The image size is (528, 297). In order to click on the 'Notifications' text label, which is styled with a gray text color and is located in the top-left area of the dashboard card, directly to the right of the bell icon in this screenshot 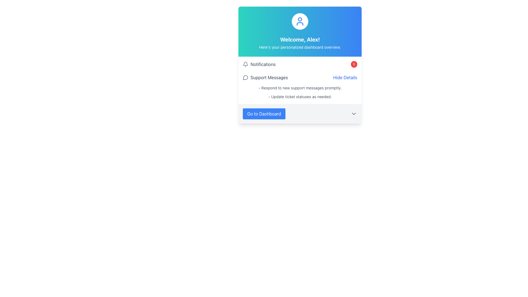, I will do `click(263, 64)`.